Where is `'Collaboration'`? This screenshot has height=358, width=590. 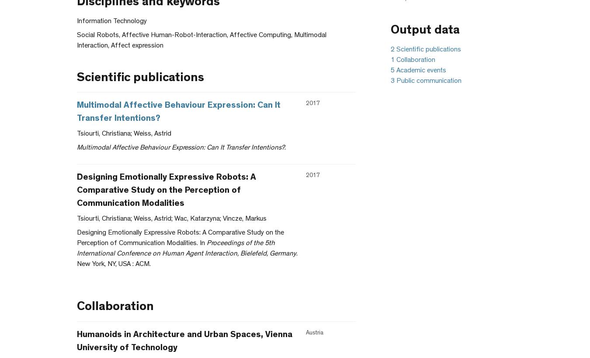 'Collaboration' is located at coordinates (115, 307).